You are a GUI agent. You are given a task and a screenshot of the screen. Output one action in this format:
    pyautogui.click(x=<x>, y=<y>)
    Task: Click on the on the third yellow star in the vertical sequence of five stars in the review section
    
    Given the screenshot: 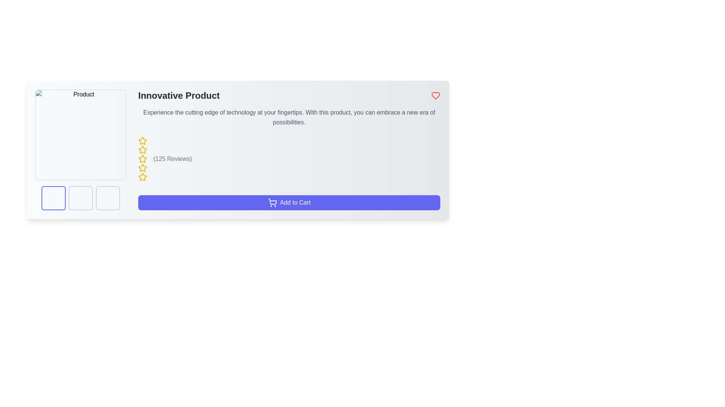 What is the action you would take?
    pyautogui.click(x=143, y=158)
    